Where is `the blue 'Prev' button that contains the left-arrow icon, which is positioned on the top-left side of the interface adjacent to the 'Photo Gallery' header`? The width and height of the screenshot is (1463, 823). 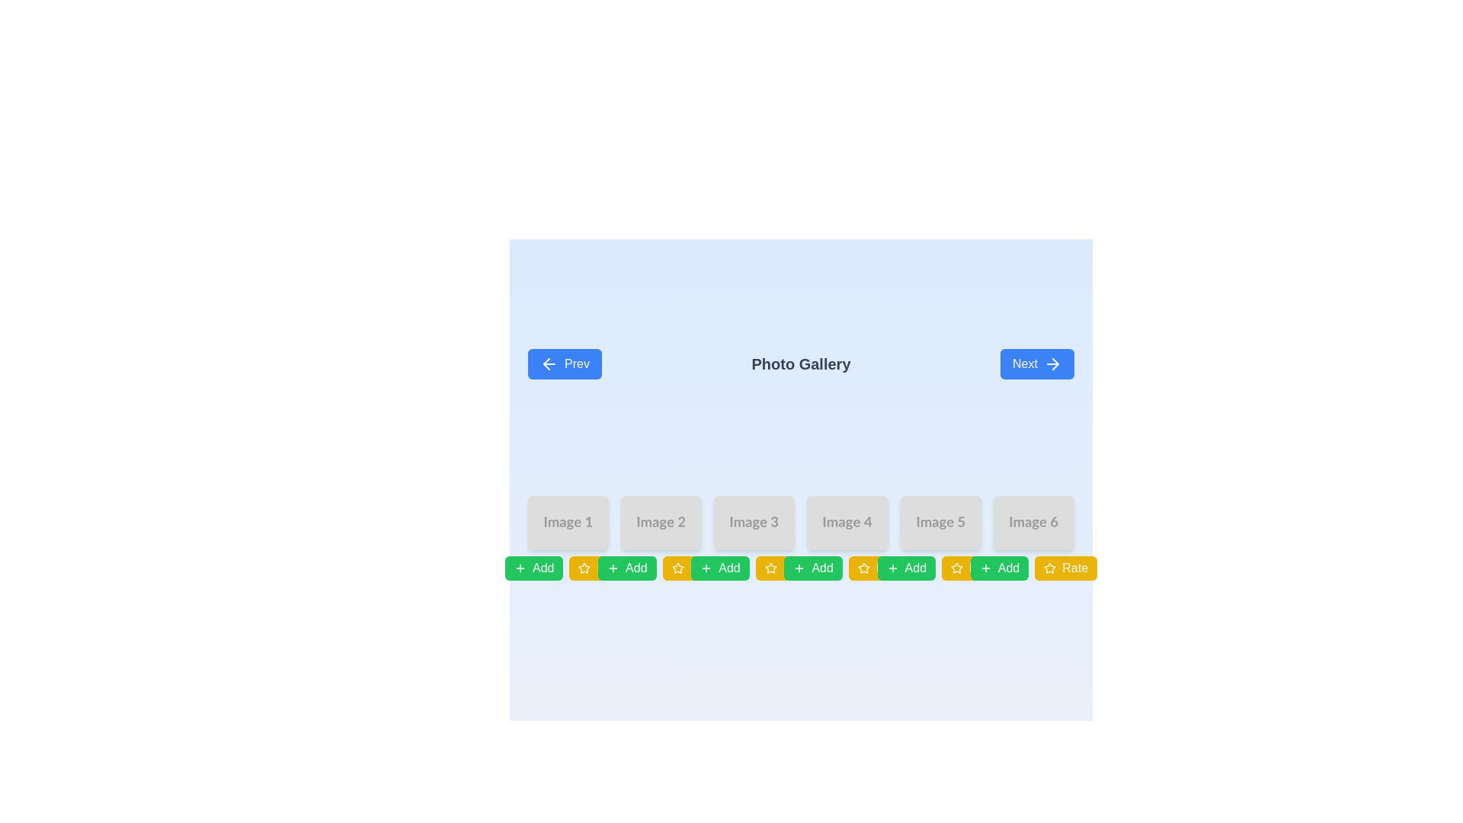 the blue 'Prev' button that contains the left-arrow icon, which is positioned on the top-left side of the interface adjacent to the 'Photo Gallery' header is located at coordinates (549, 364).